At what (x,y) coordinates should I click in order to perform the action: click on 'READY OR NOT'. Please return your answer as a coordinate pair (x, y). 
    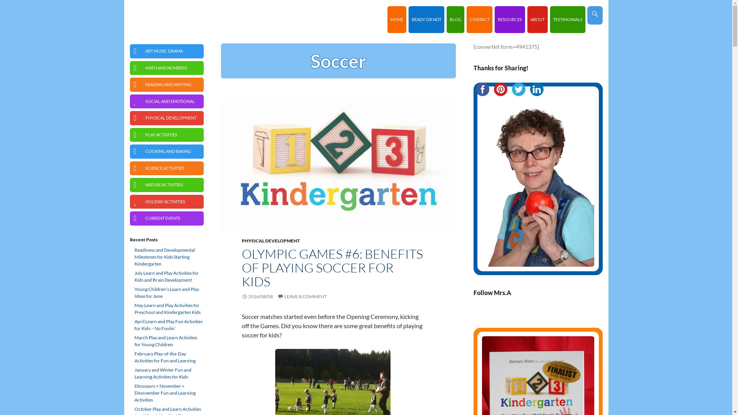
    Looking at the image, I should click on (407, 19).